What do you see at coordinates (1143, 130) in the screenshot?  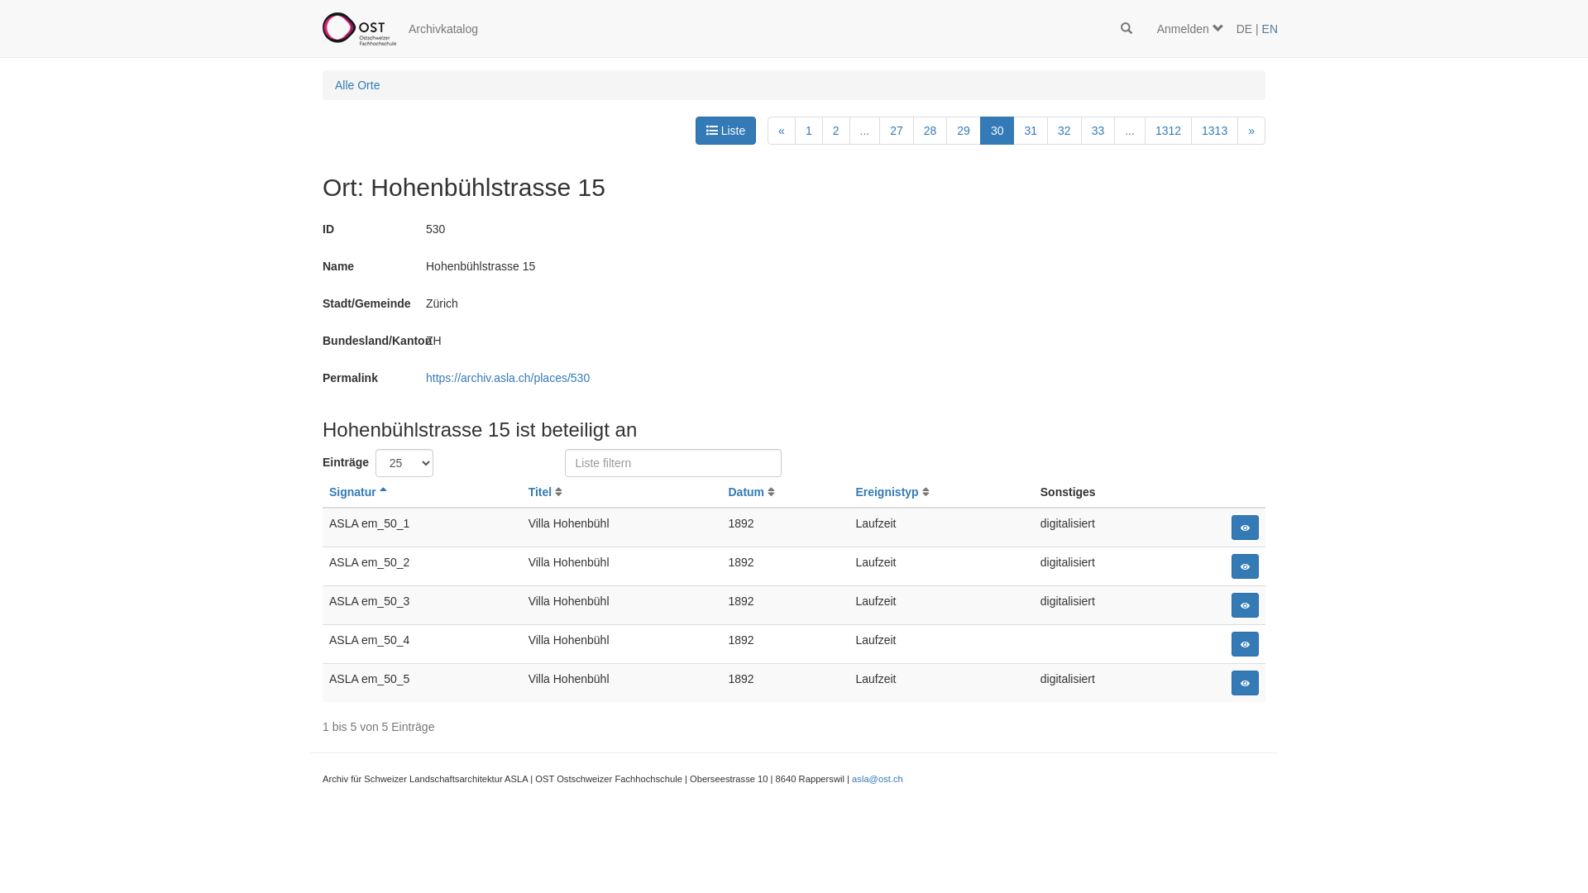 I see `'1312'` at bounding box center [1143, 130].